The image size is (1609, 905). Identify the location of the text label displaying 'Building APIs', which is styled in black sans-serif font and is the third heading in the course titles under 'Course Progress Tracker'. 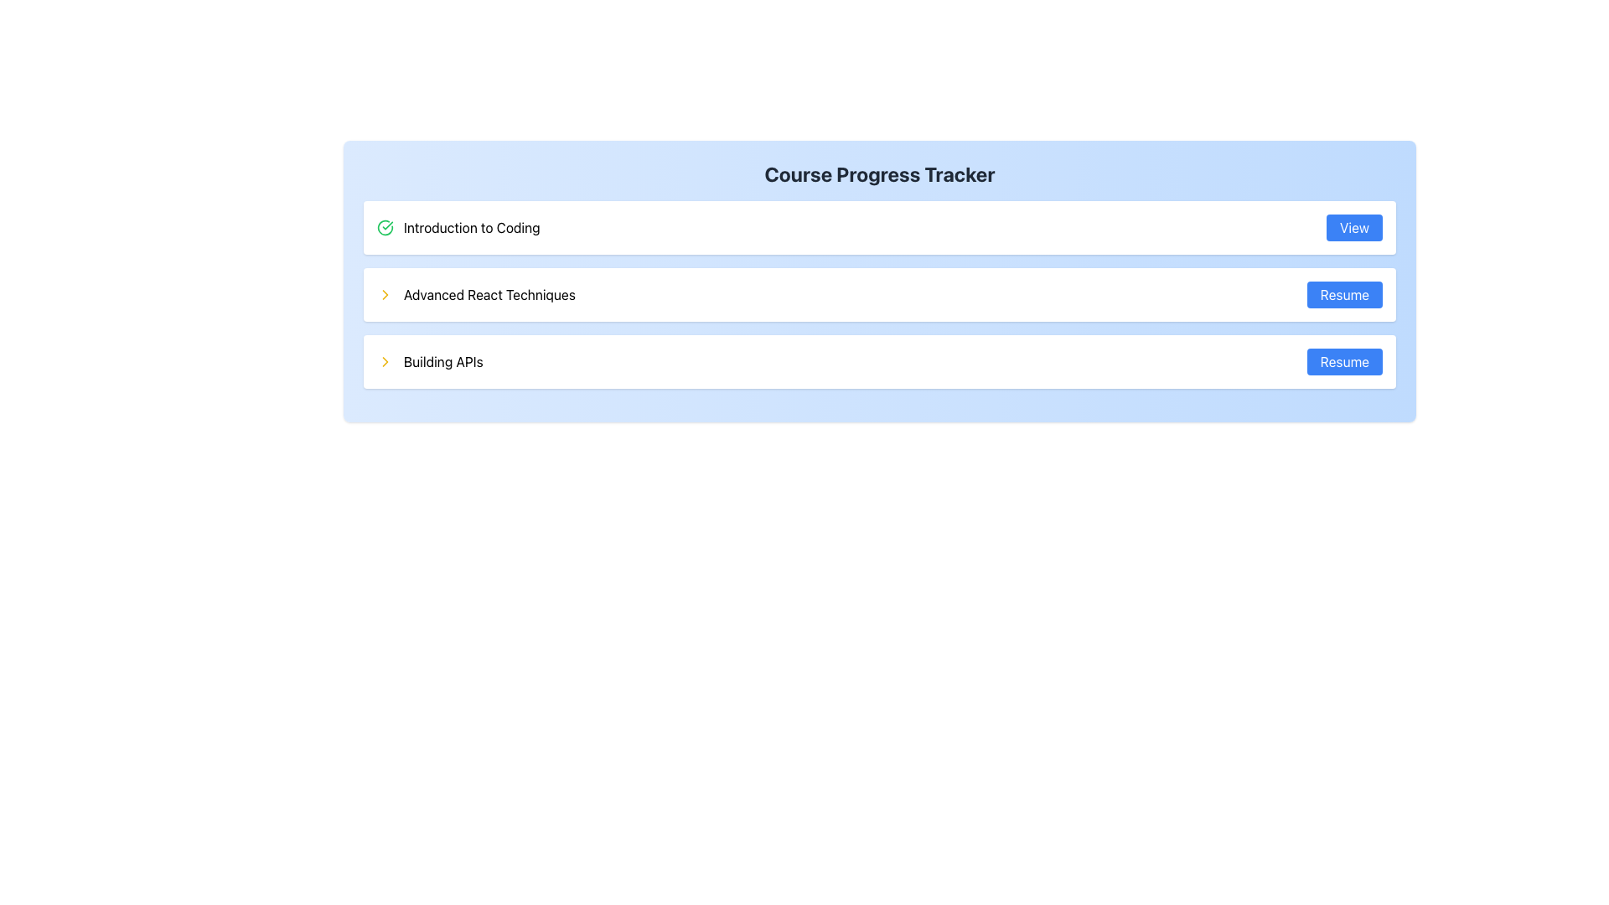
(443, 361).